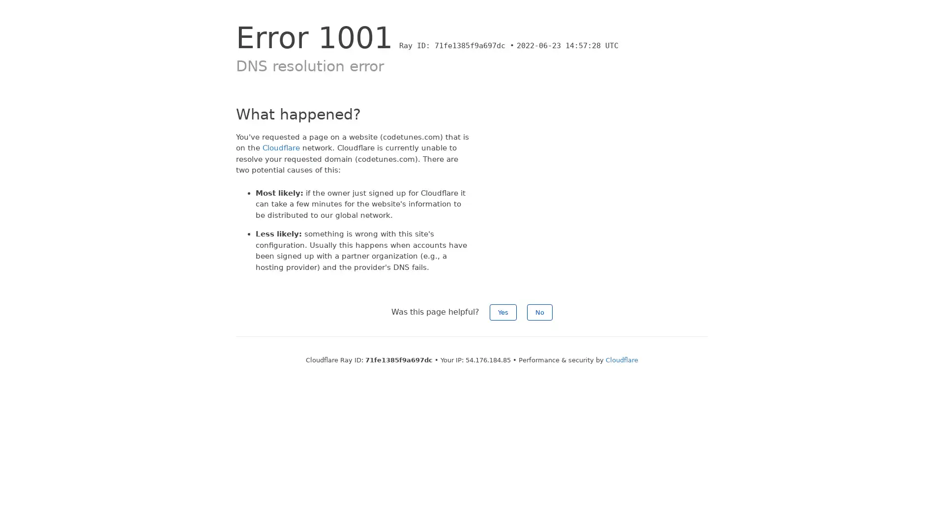 This screenshot has height=531, width=944. I want to click on No, so click(539, 312).